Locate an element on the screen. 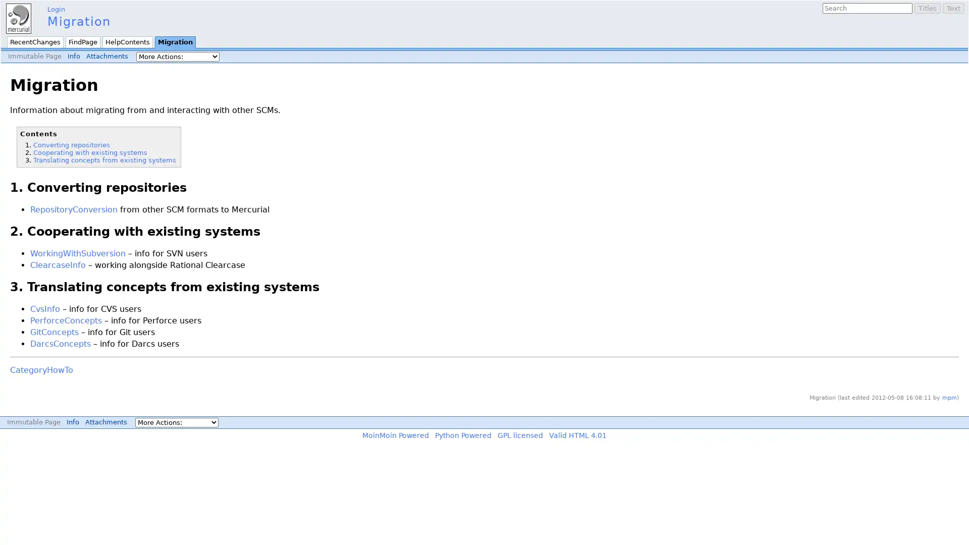 The height and width of the screenshot is (545, 969). Titles is located at coordinates (928, 8).